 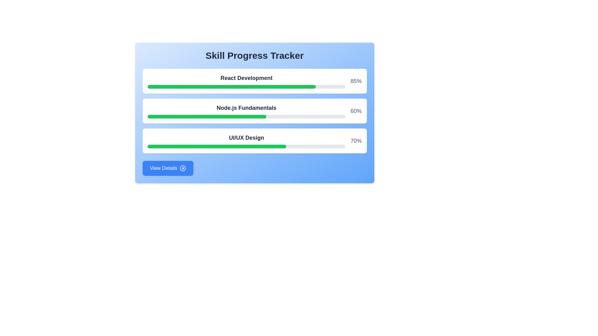 What do you see at coordinates (246, 111) in the screenshot?
I see `the text label that provides a descriptive title for the associated progress bar in the second progress tracking card of the 'Skill Progress Tracker' interface` at bounding box center [246, 111].